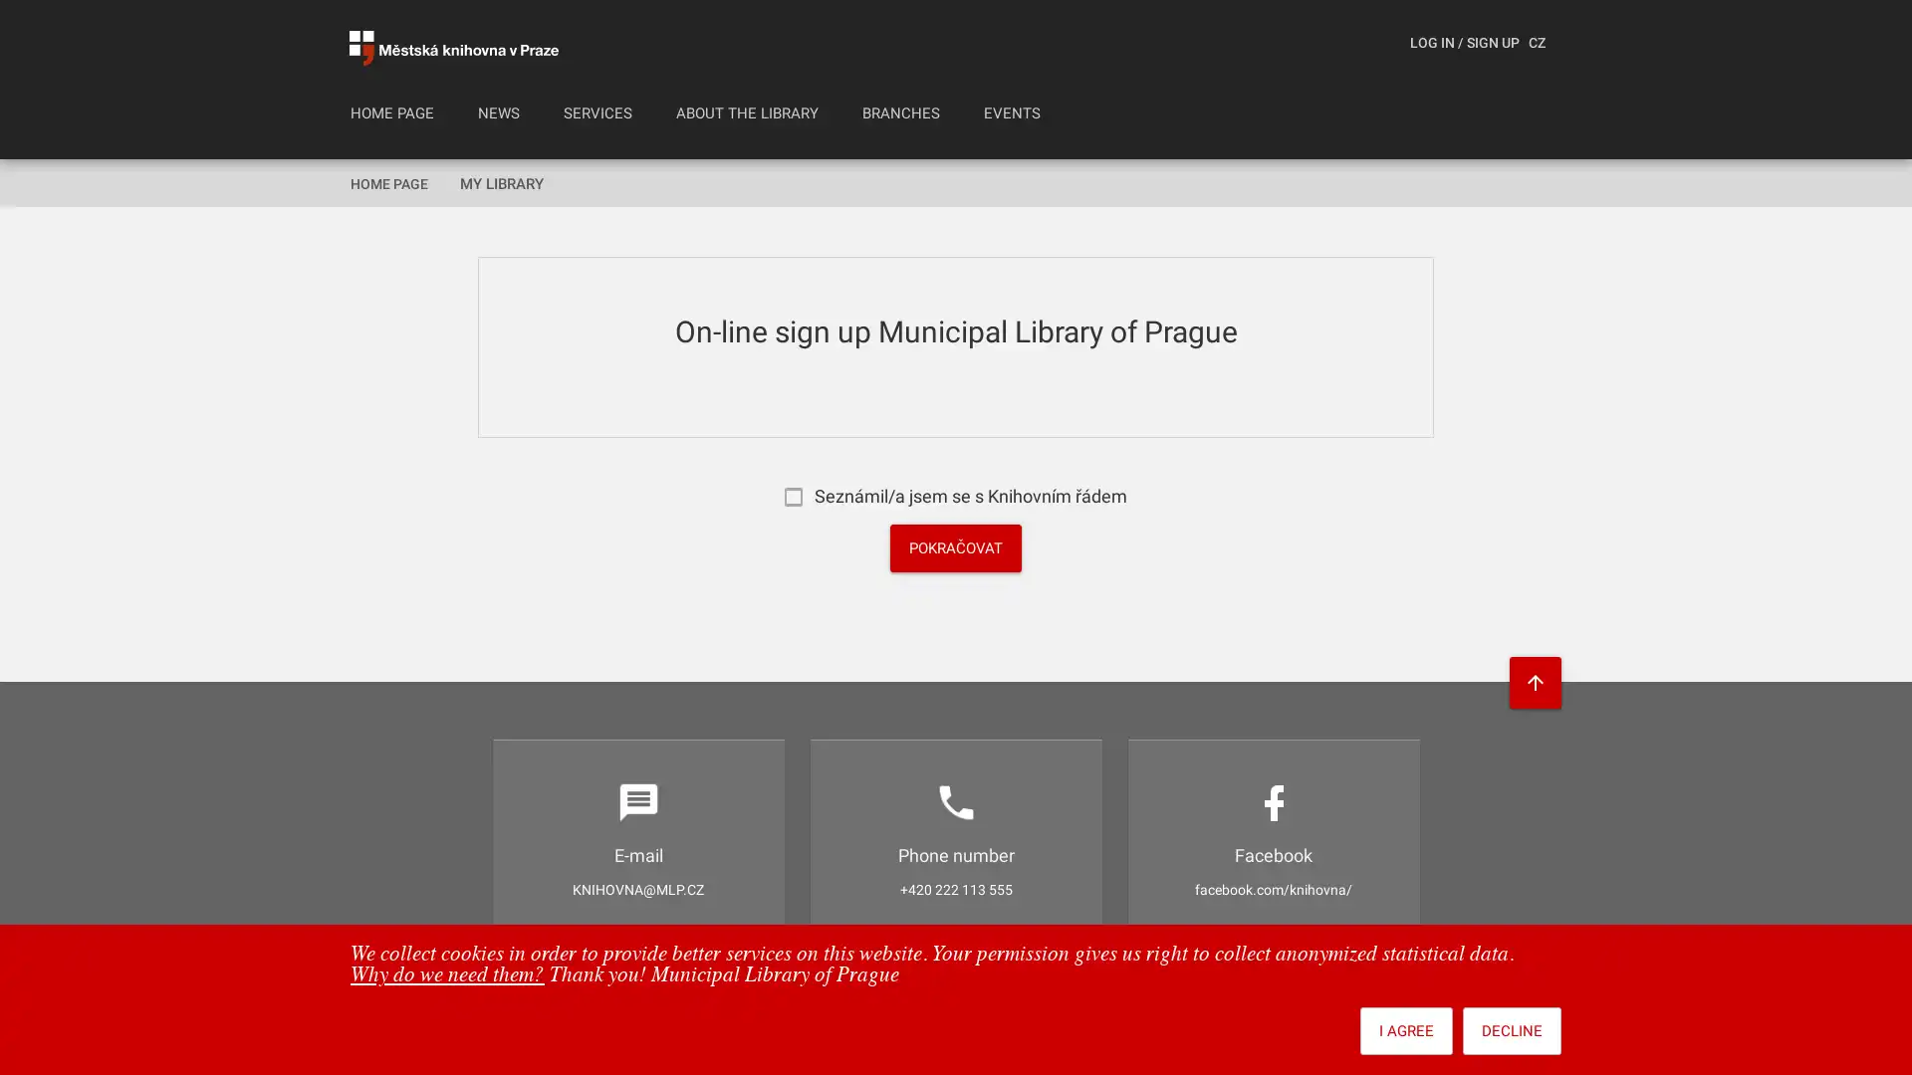 The image size is (1912, 1075). What do you see at coordinates (956, 548) in the screenshot?
I see `POKRACOVAT` at bounding box center [956, 548].